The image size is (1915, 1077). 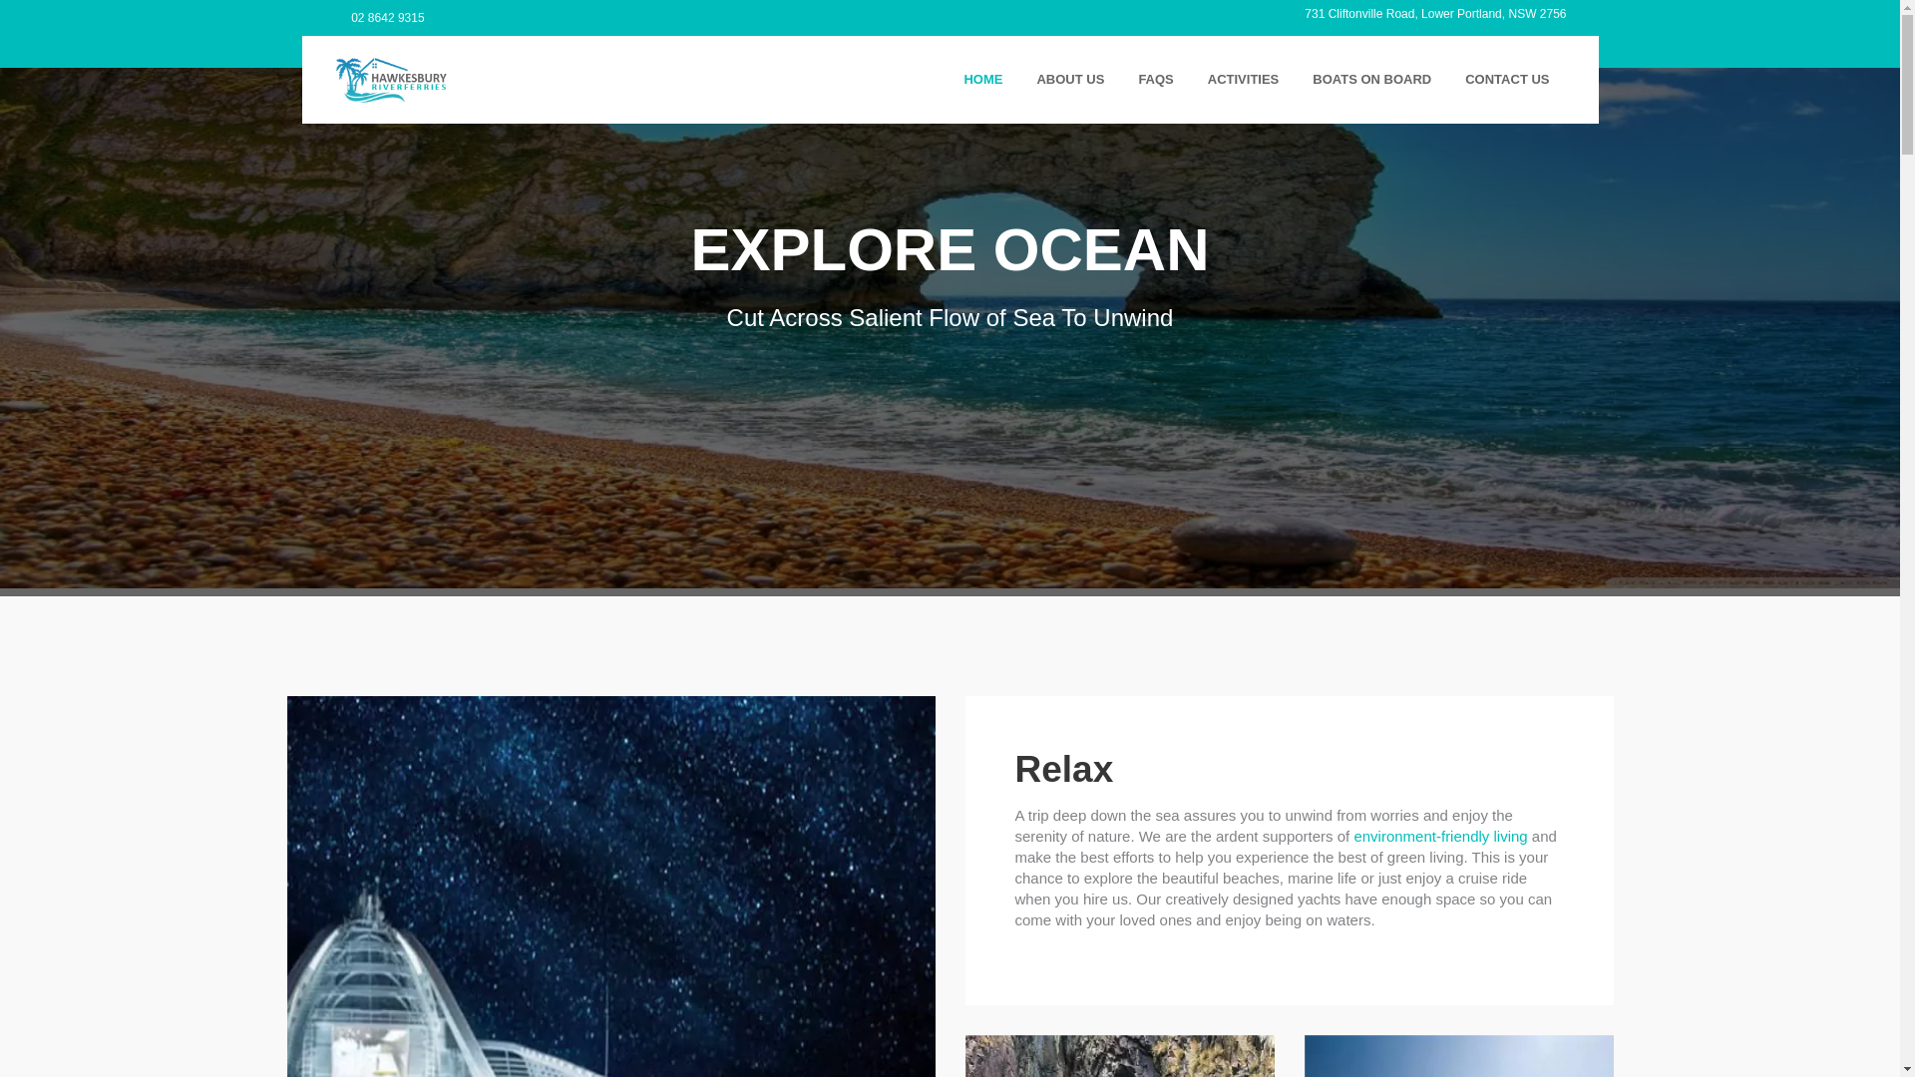 I want to click on 'HOME', so click(x=982, y=79).